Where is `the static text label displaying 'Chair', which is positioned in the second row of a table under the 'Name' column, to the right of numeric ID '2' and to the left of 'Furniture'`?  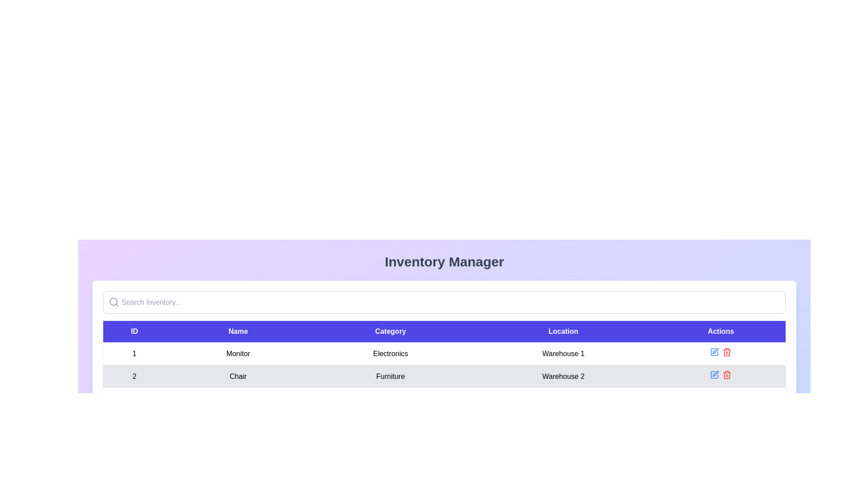
the static text label displaying 'Chair', which is positioned in the second row of a table under the 'Name' column, to the right of numeric ID '2' and to the left of 'Furniture' is located at coordinates (238, 376).